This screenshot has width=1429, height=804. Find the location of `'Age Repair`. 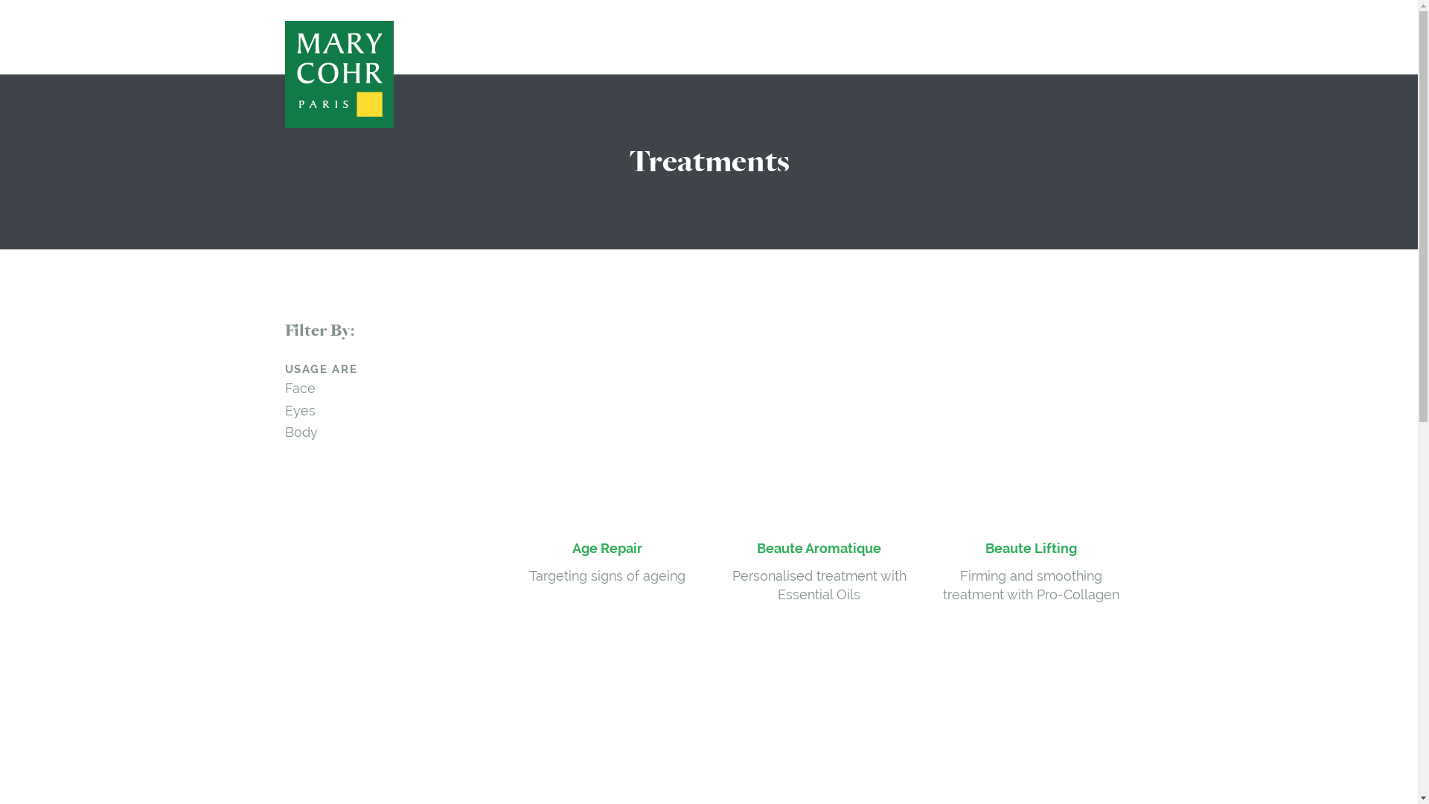

'Age Repair is located at coordinates (607, 452).